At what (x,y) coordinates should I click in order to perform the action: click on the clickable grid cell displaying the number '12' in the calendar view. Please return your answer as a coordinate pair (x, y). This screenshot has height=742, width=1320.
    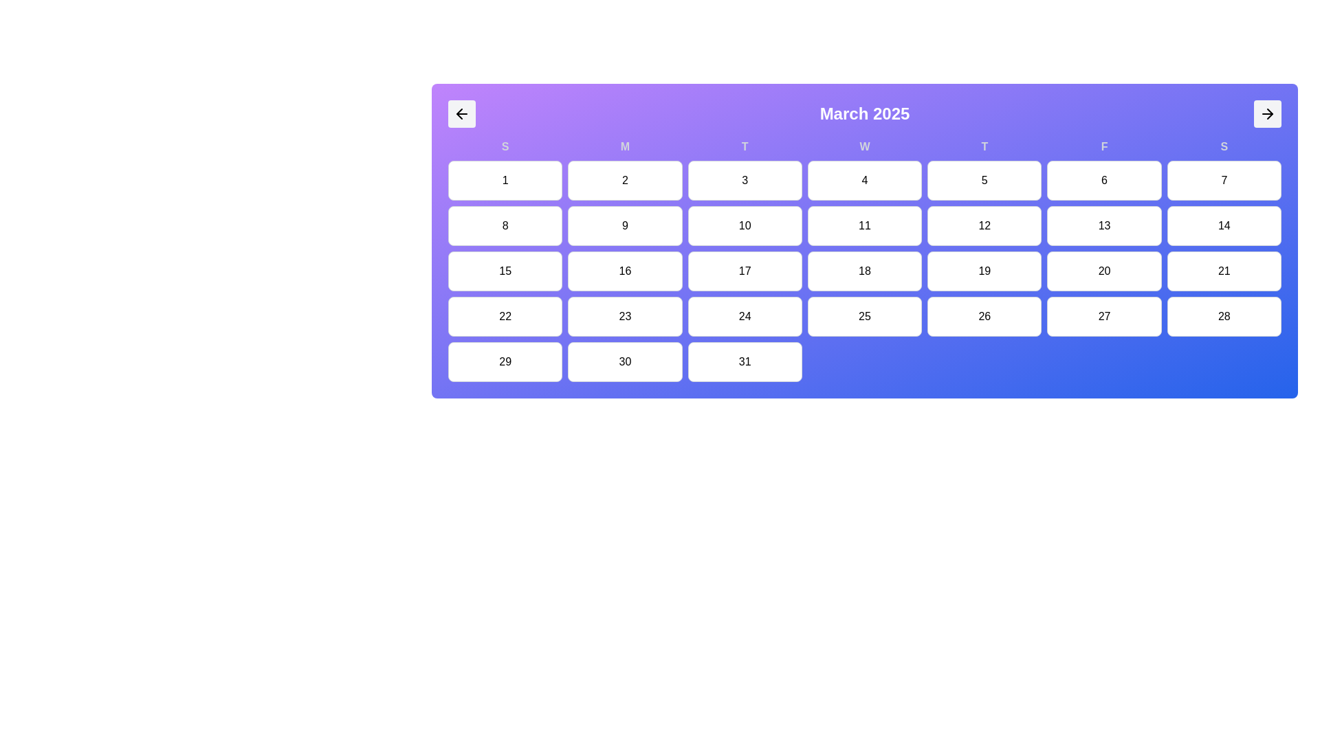
    Looking at the image, I should click on (984, 225).